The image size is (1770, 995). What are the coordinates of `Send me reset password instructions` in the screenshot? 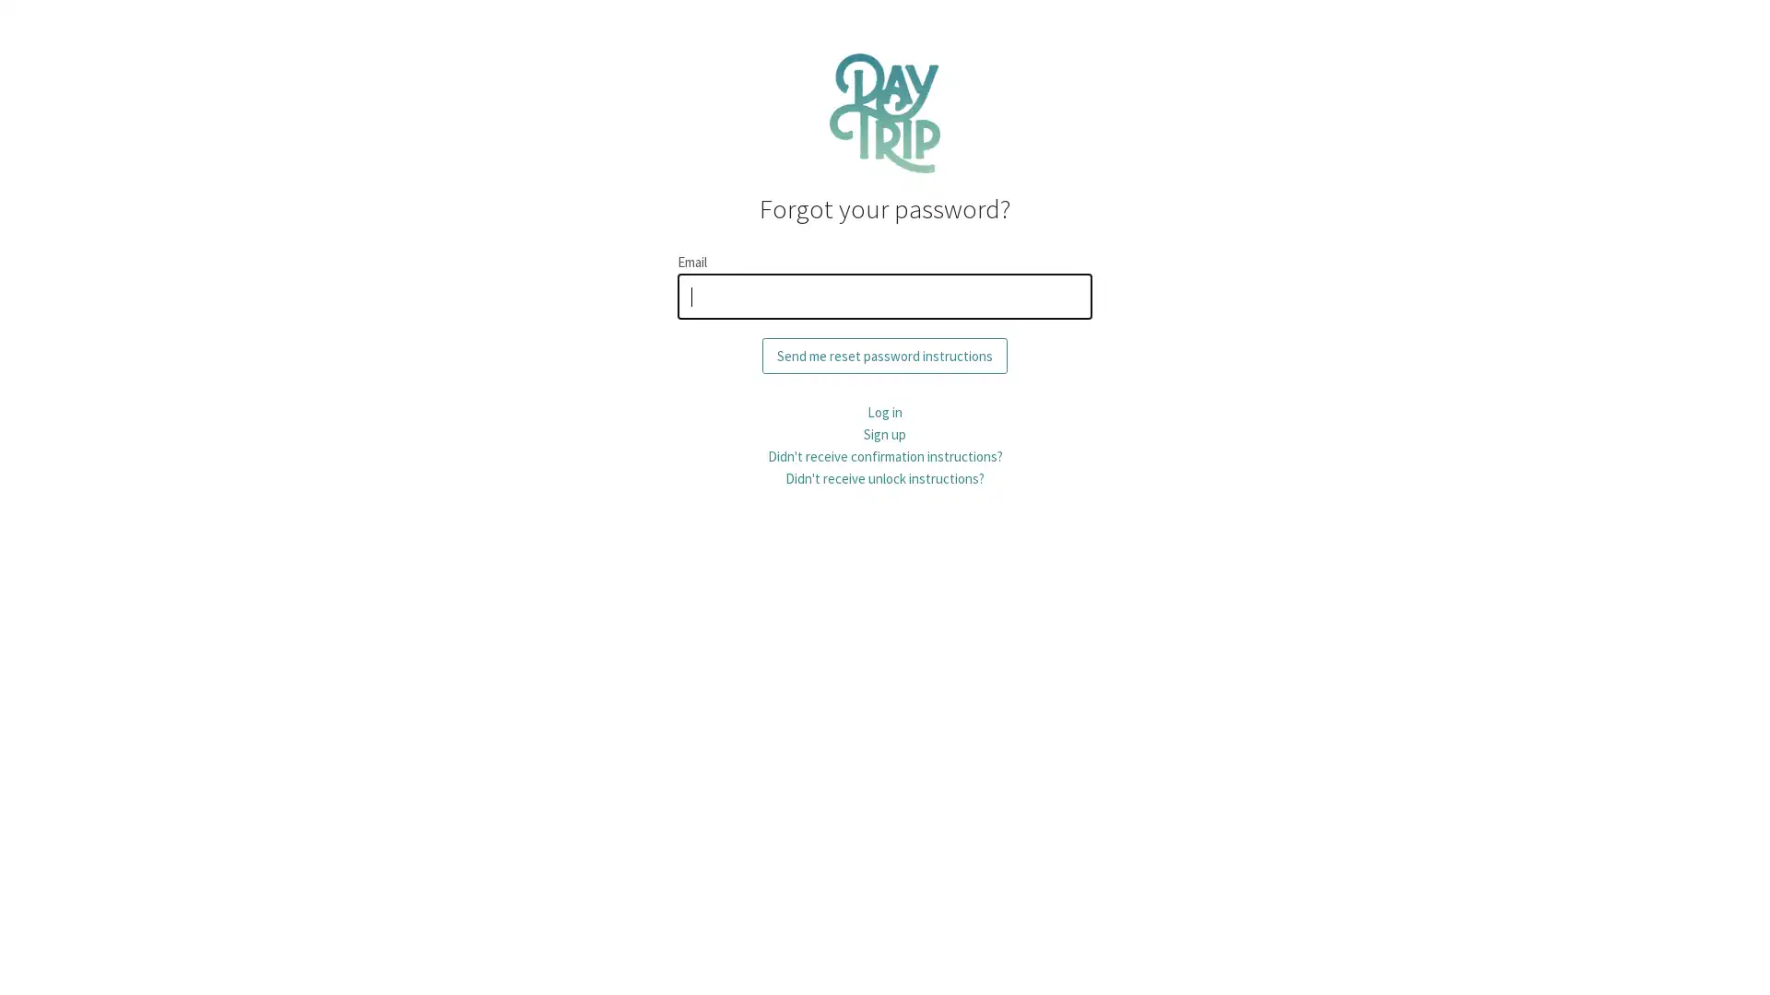 It's located at (885, 355).